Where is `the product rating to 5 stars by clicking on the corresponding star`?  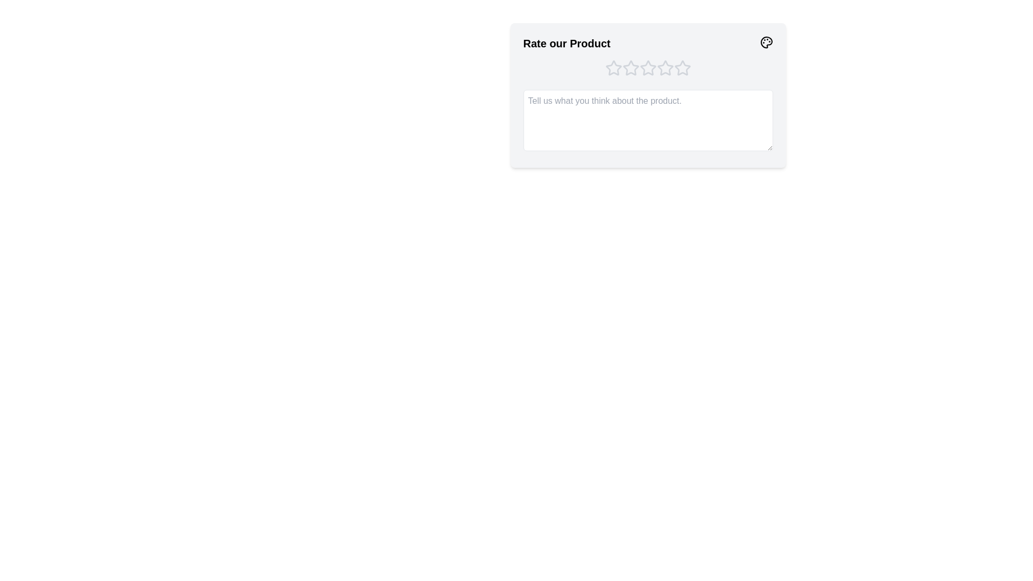
the product rating to 5 stars by clicking on the corresponding star is located at coordinates (682, 68).